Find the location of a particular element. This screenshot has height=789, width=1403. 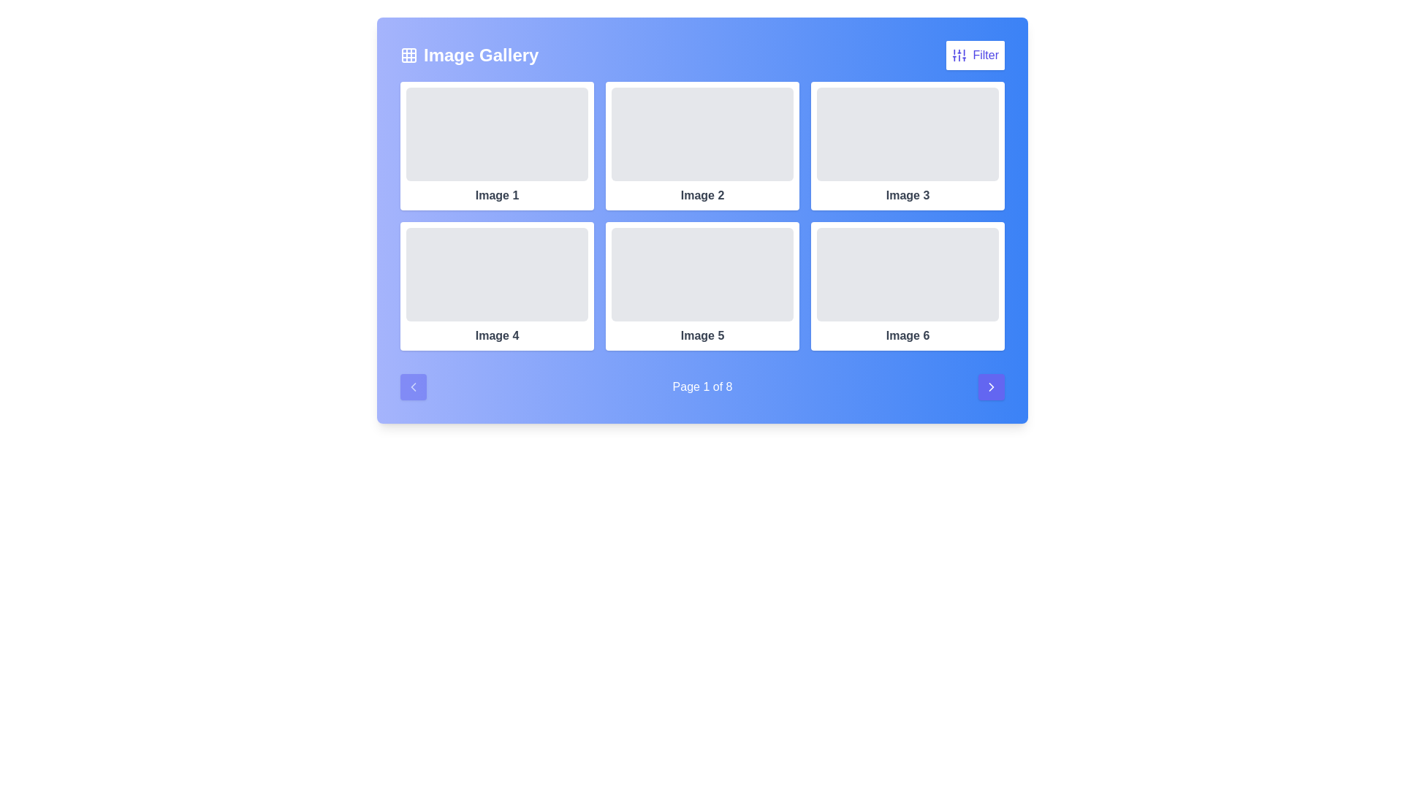

the 'Image Gallery' header section is located at coordinates (702, 55).